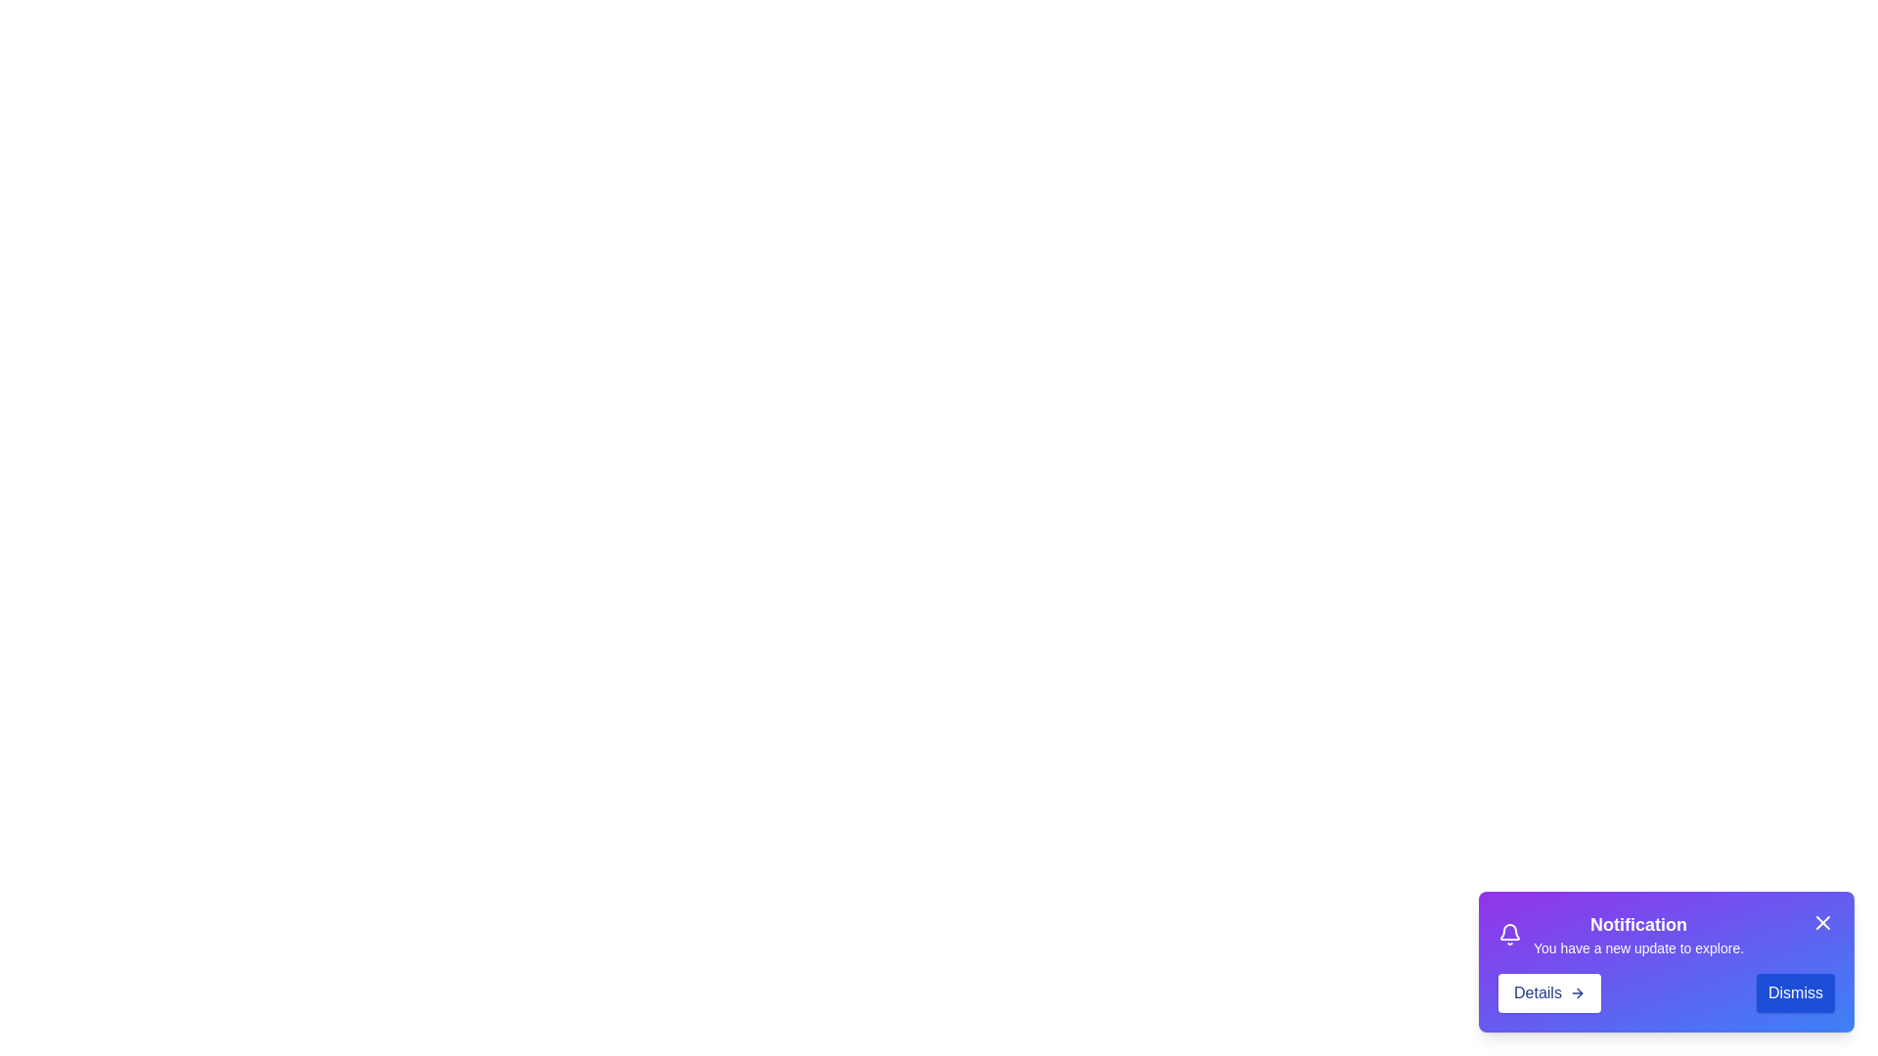 The height and width of the screenshot is (1056, 1878). Describe the element at coordinates (1577, 992) in the screenshot. I see `the right-facing arrow icon inside the 'Details' button located at the bottom-left corner of the notification card` at that location.